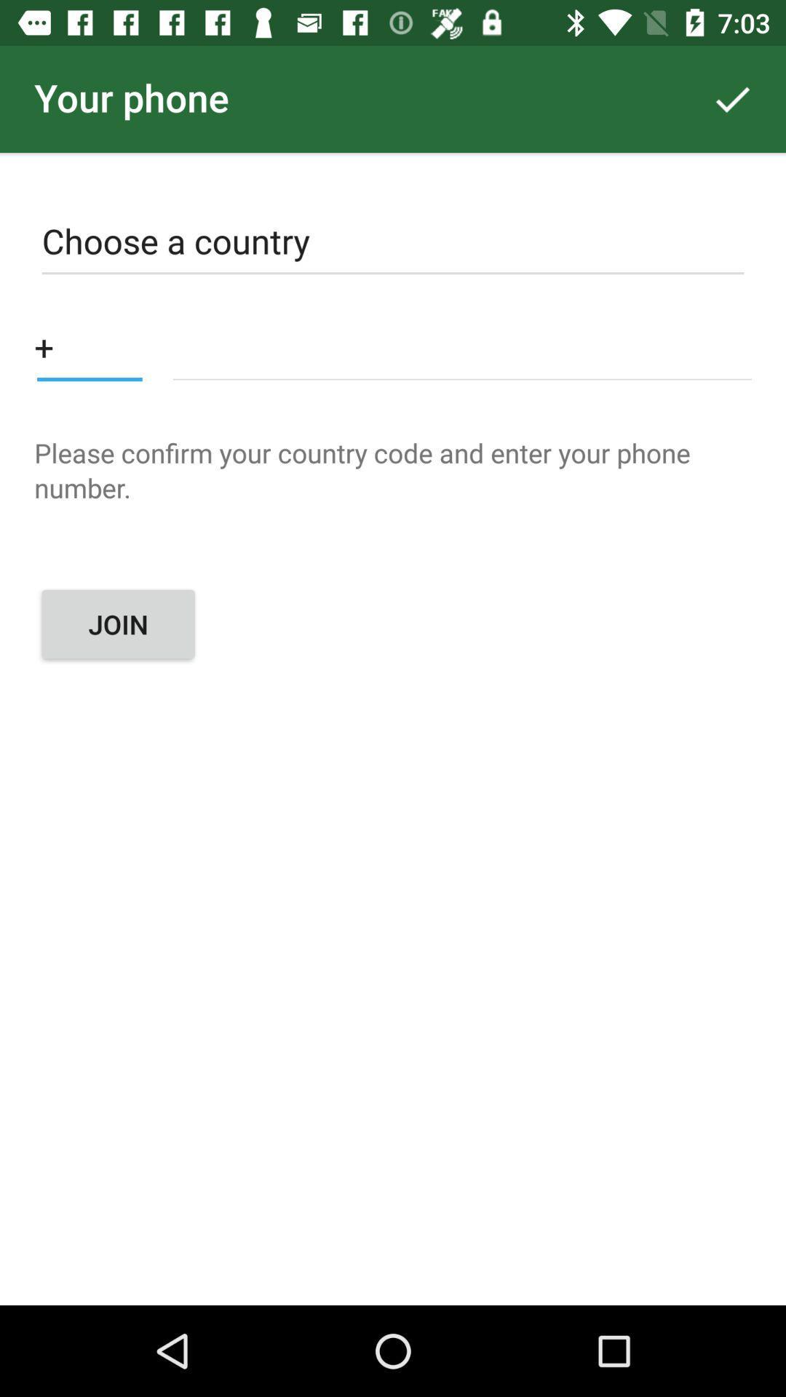 The width and height of the screenshot is (786, 1397). Describe the element at coordinates (462, 346) in the screenshot. I see `input phone number` at that location.